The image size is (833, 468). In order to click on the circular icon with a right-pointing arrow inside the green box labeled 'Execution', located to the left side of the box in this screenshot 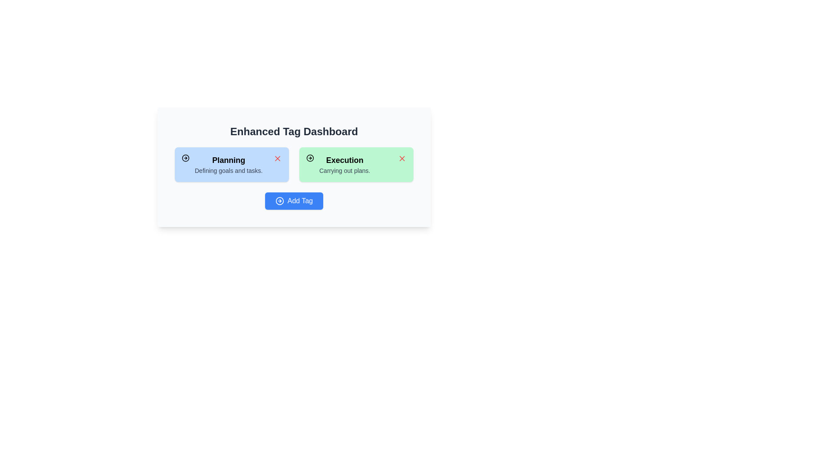, I will do `click(310, 158)`.